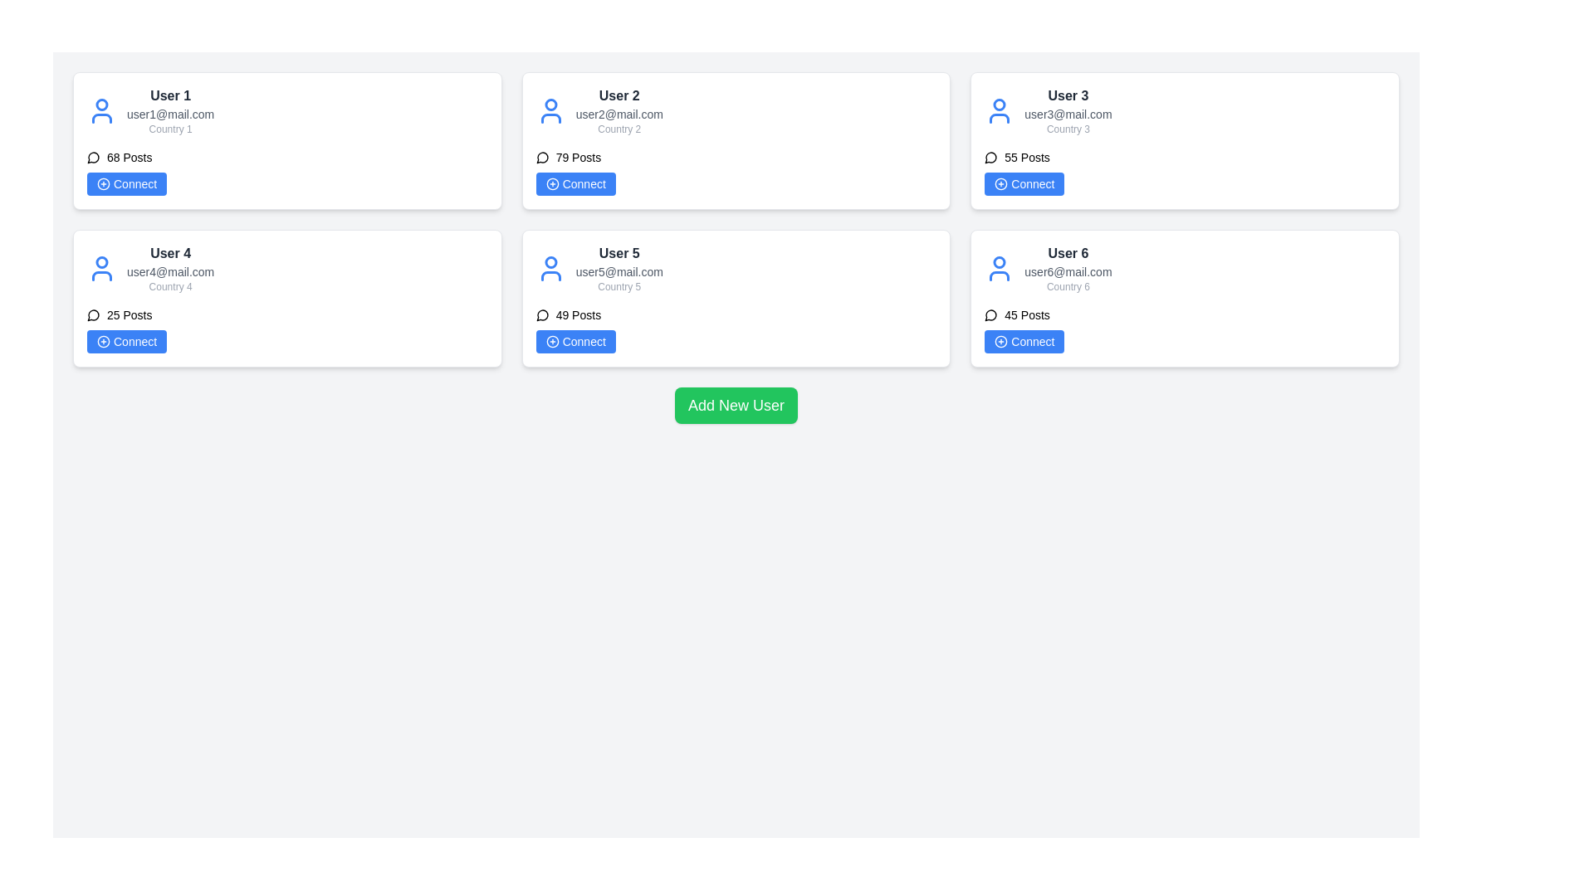  I want to click on displayed information from the Text display element that shows 'User 5', 'user5@mail.com', and 'Country 5', located in the fifth card of a 2x3 grid layout, so click(619, 268).